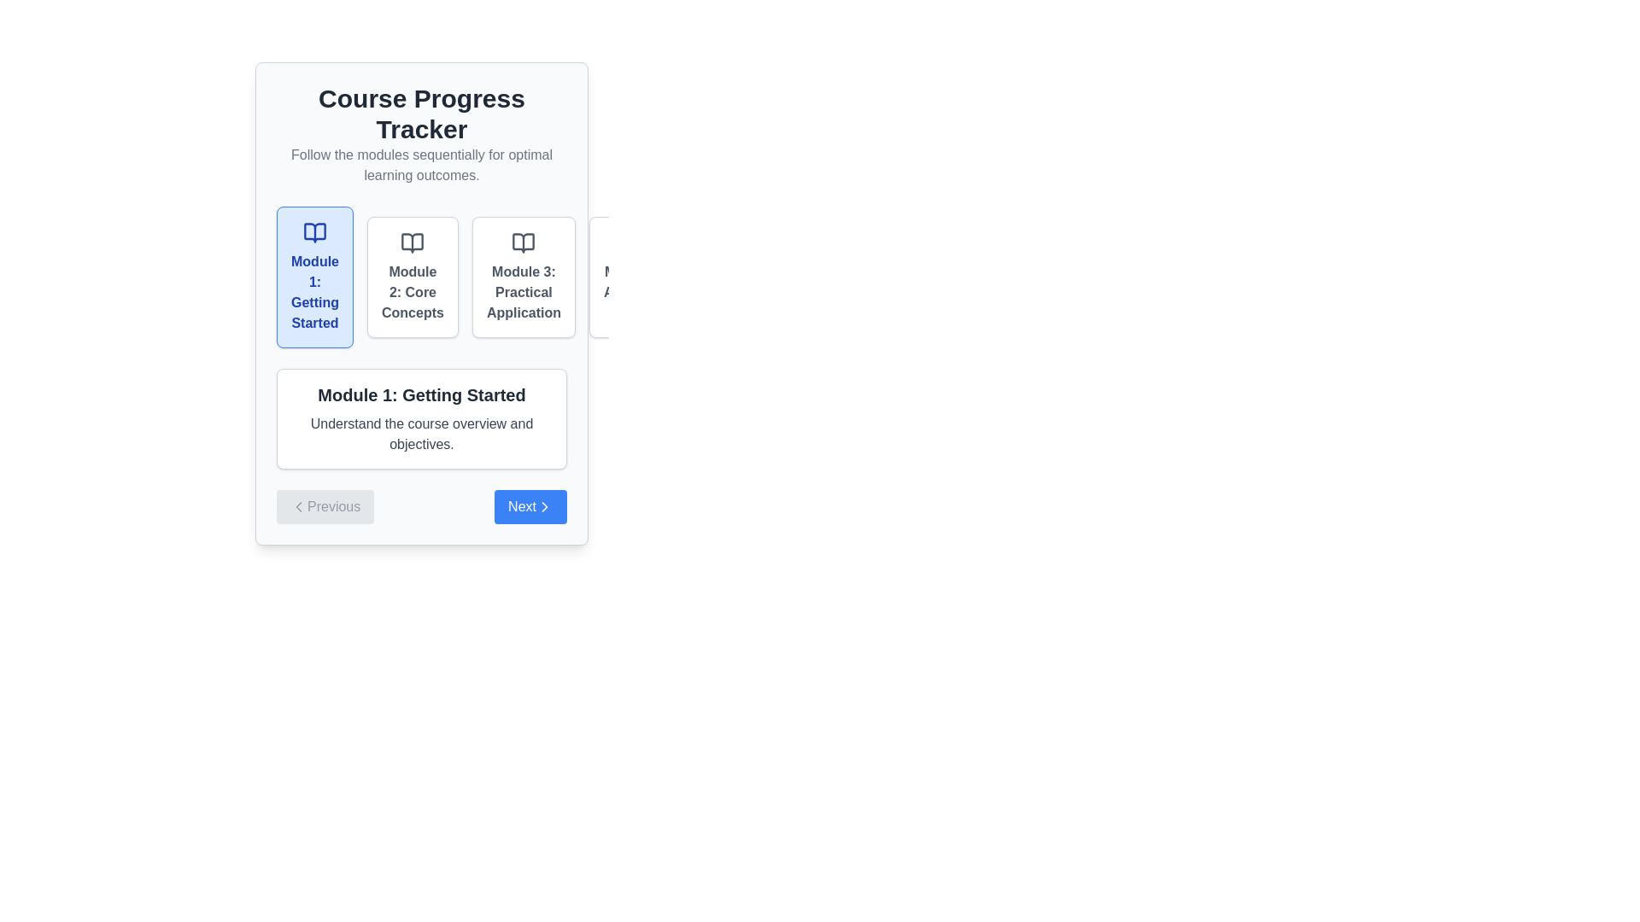 This screenshot has height=922, width=1640. Describe the element at coordinates (523, 243) in the screenshot. I see `the stylized book icon representing 'Module 3: Practical Application' located centrally above its label within the card` at that location.